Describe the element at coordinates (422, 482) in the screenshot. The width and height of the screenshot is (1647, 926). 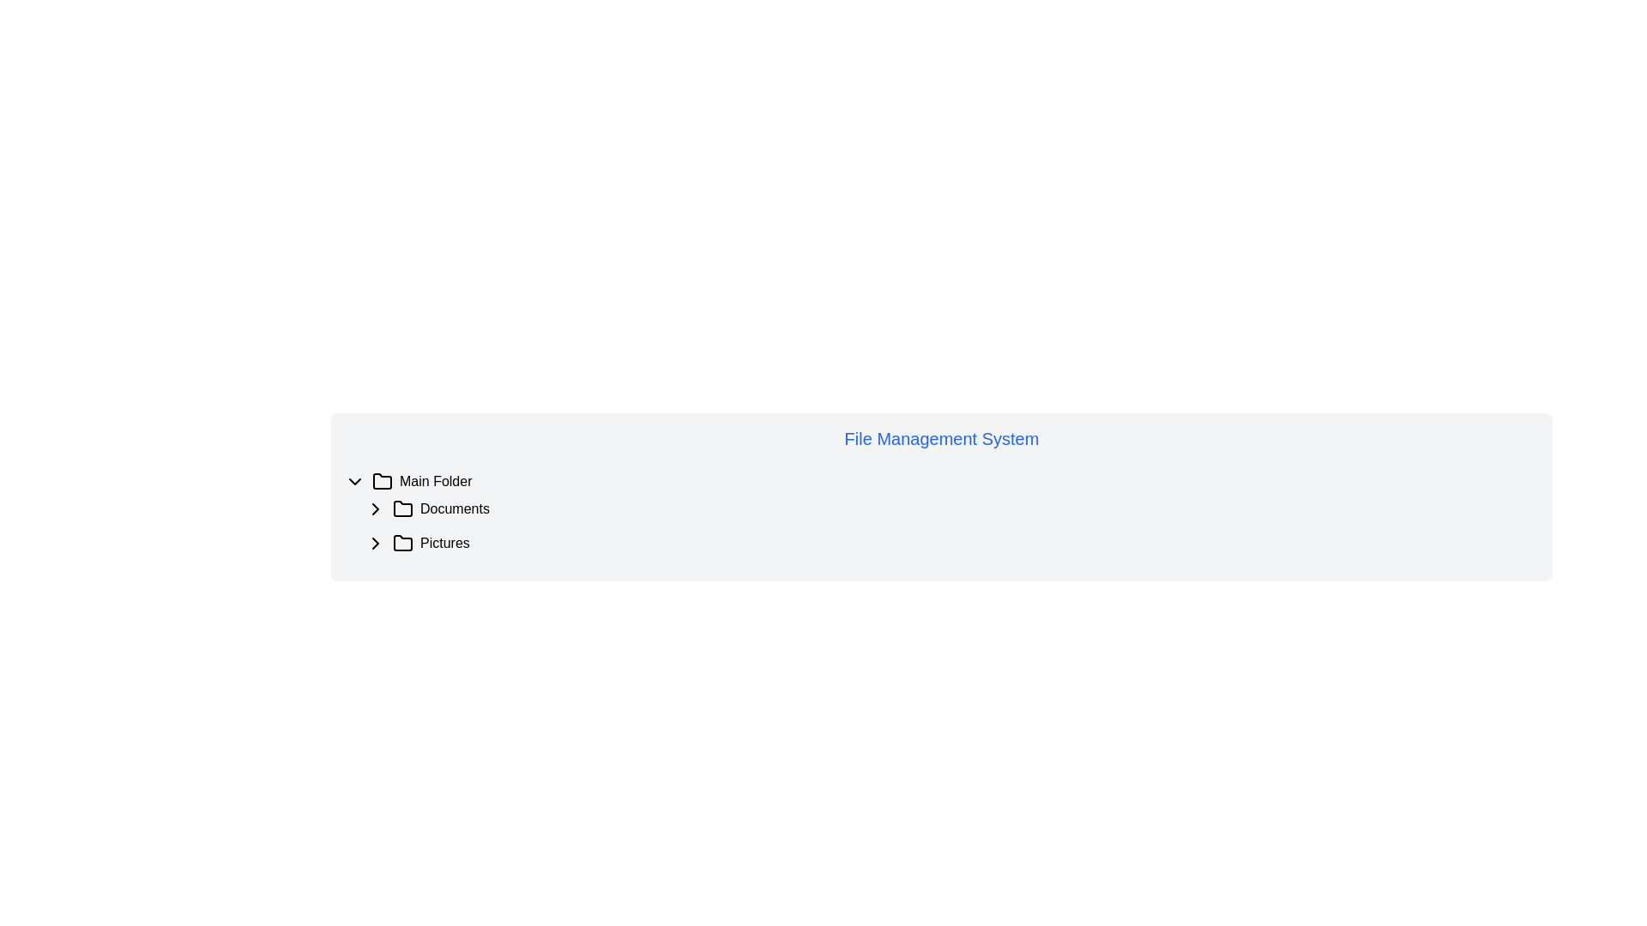
I see `on the 'Main Folder' item in the file management system` at that location.